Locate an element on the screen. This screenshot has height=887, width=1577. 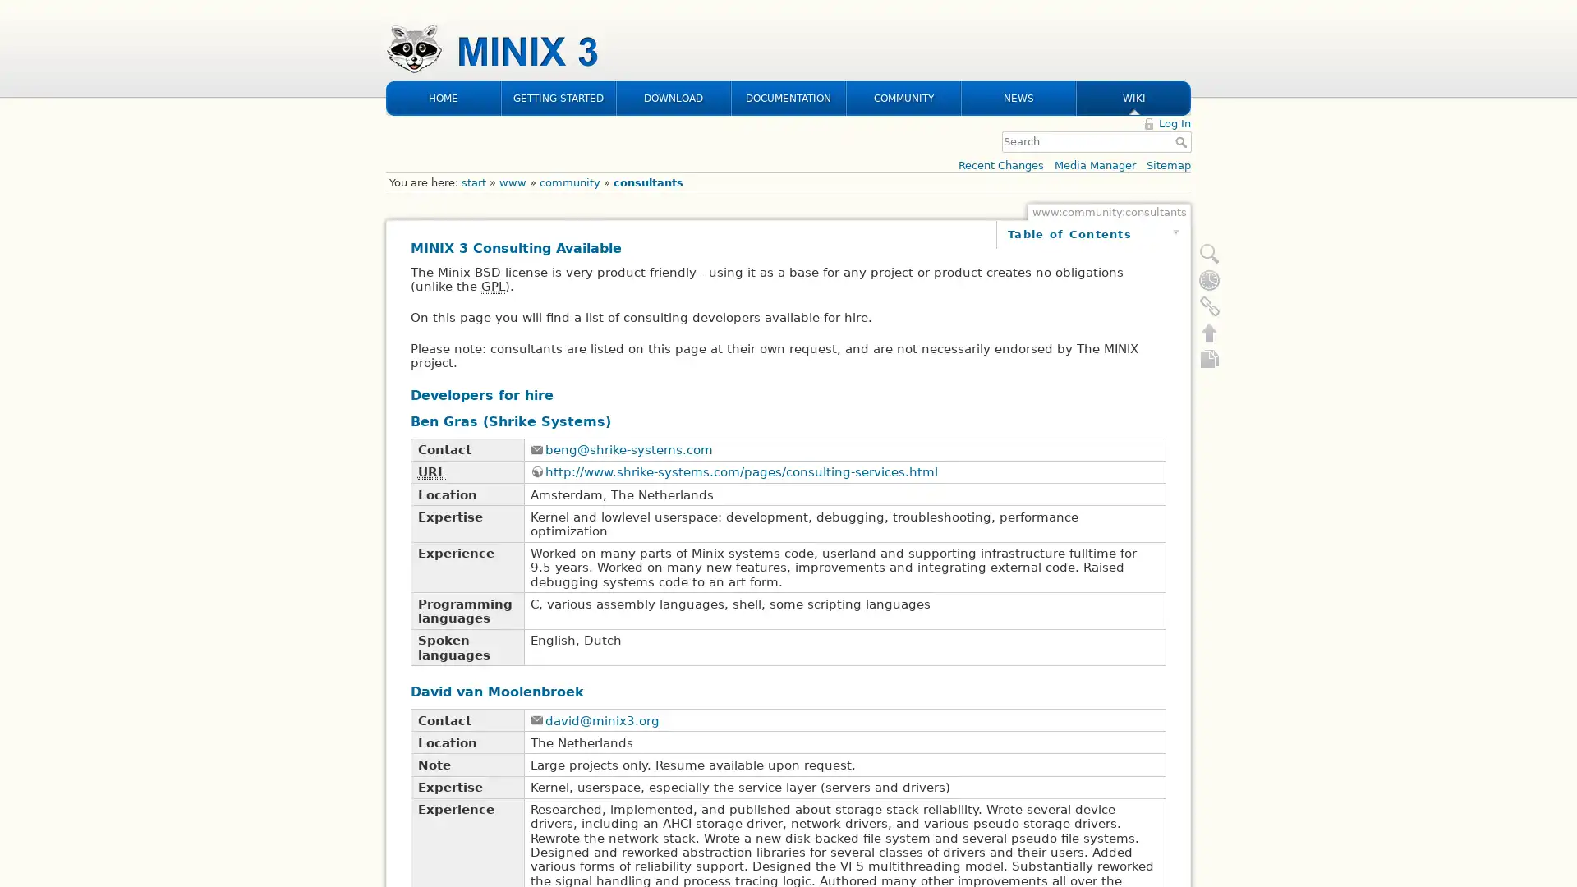
Search is located at coordinates (1183, 34).